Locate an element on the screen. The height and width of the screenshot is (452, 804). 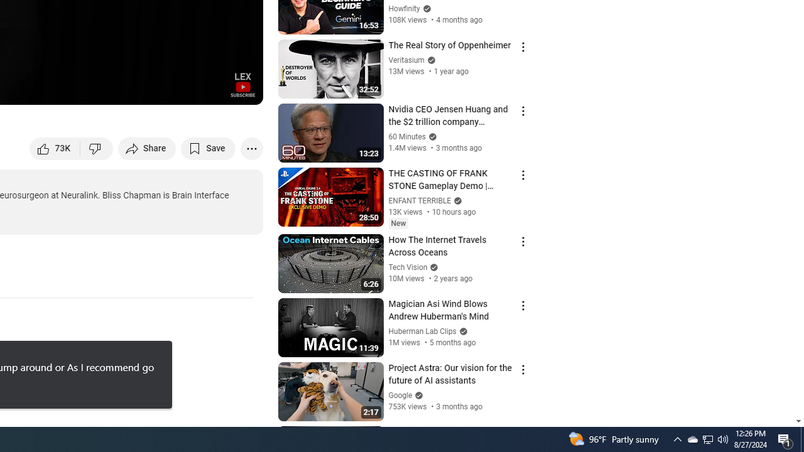
'Channel watermark' is located at coordinates (242, 85).